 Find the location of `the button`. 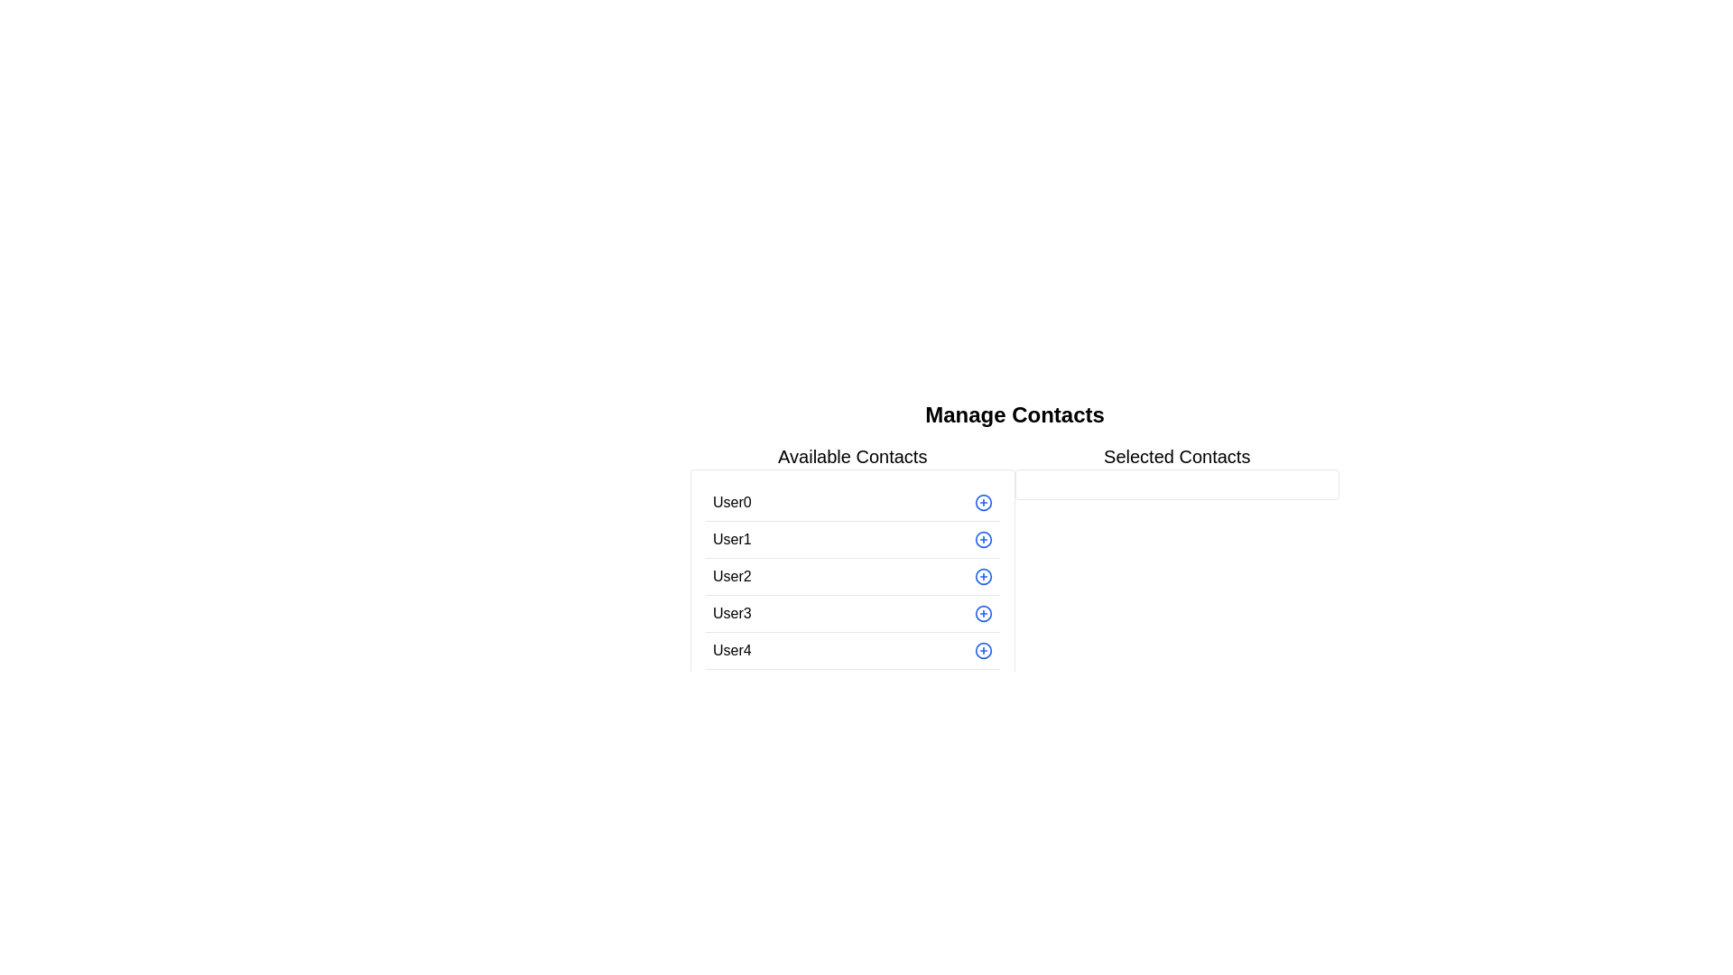

the button is located at coordinates (982, 538).